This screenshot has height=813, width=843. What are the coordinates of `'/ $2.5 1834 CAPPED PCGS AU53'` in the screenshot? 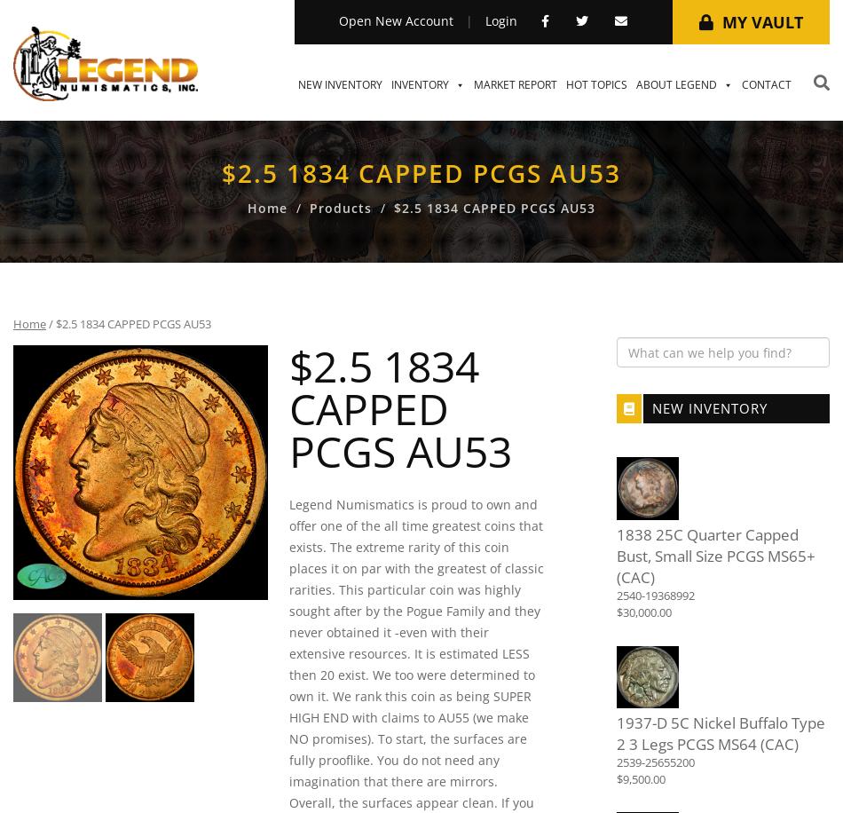 It's located at (128, 324).